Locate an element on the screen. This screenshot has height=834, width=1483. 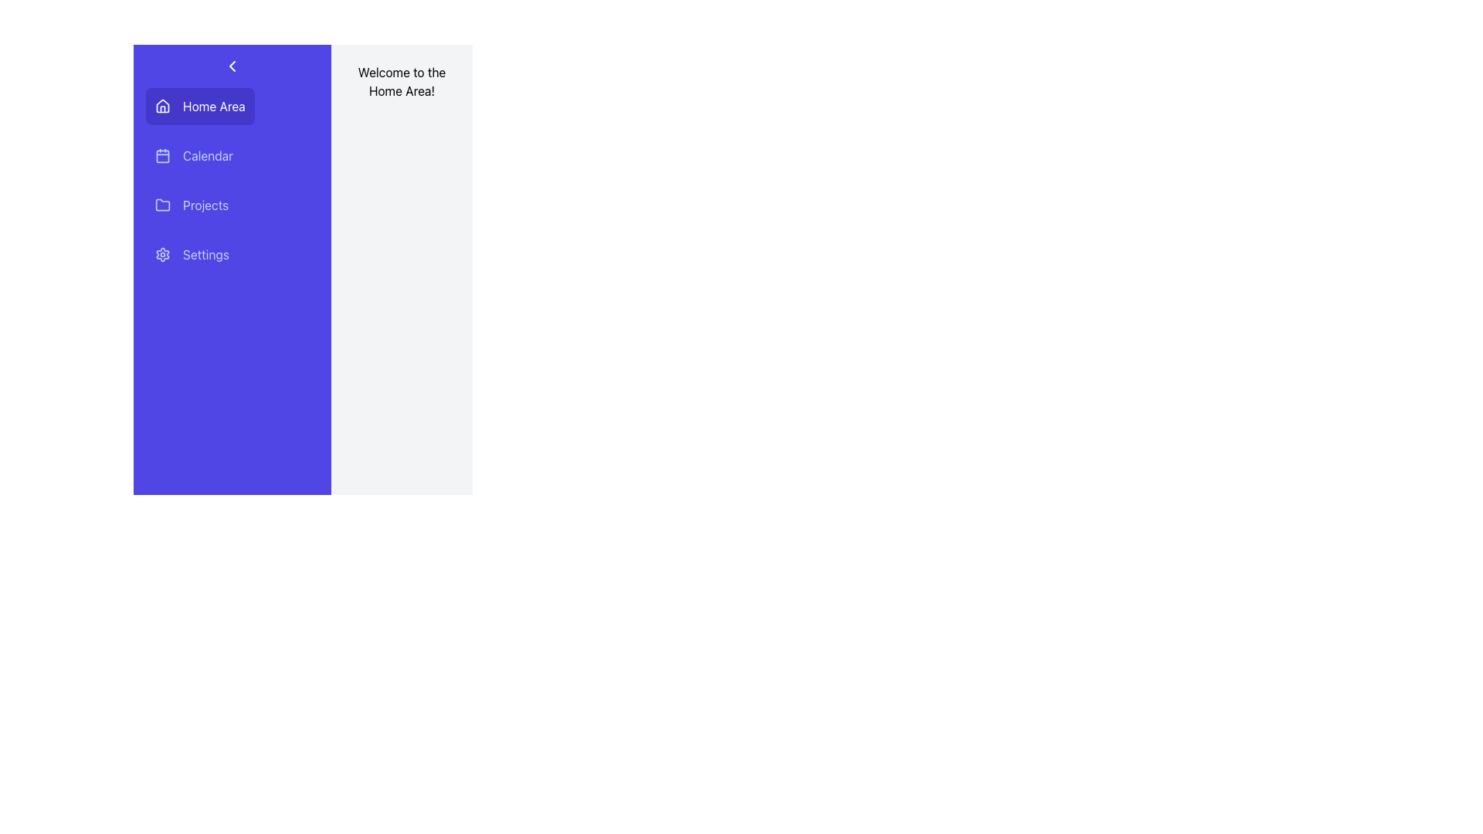
the left-facing chevron icon button located in the upper corner of the blue navigation bar is located at coordinates (232, 65).